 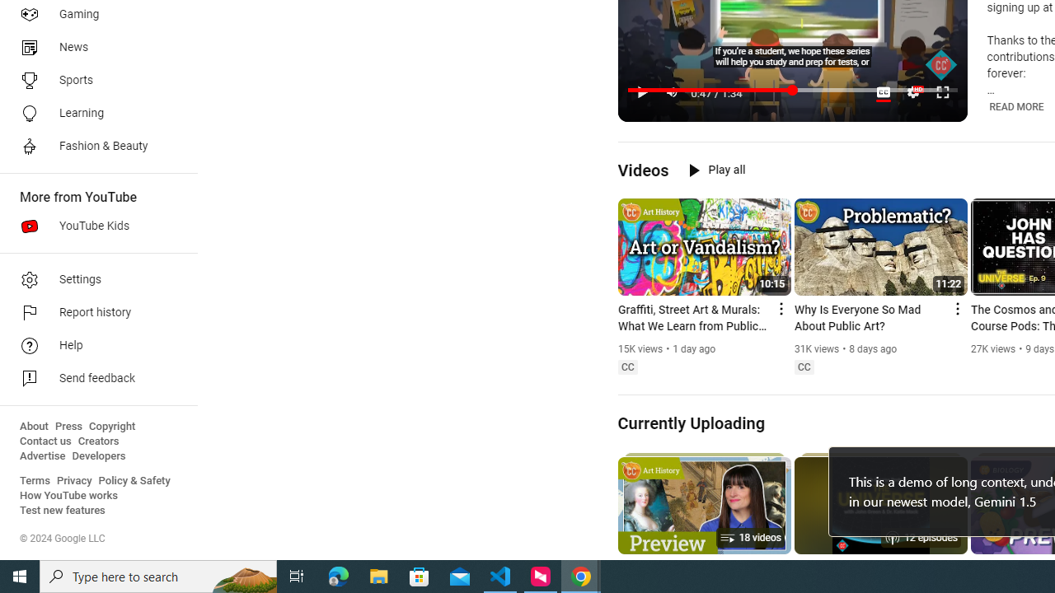 What do you see at coordinates (45, 441) in the screenshot?
I see `'Contact us'` at bounding box center [45, 441].